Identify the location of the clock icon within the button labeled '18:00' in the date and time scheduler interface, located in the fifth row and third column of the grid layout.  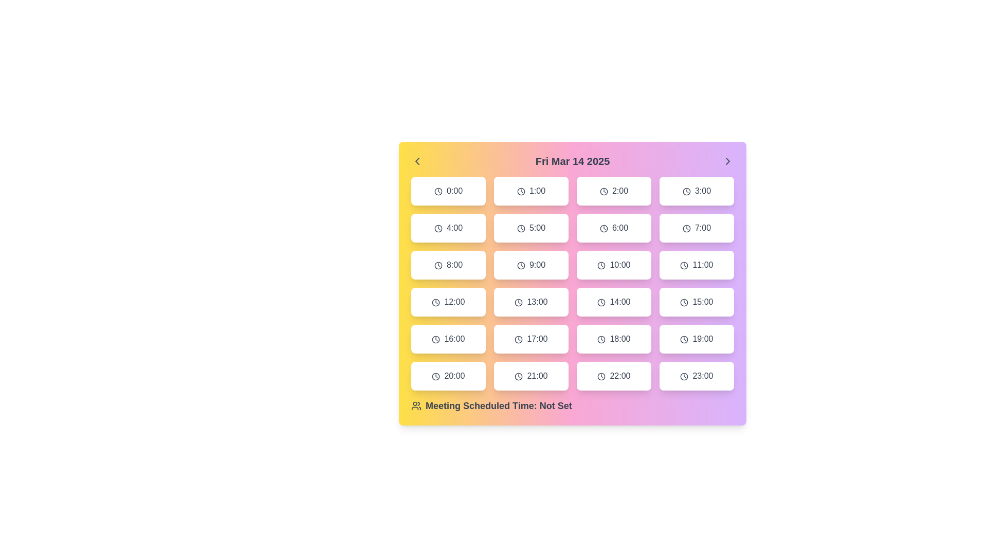
(601, 339).